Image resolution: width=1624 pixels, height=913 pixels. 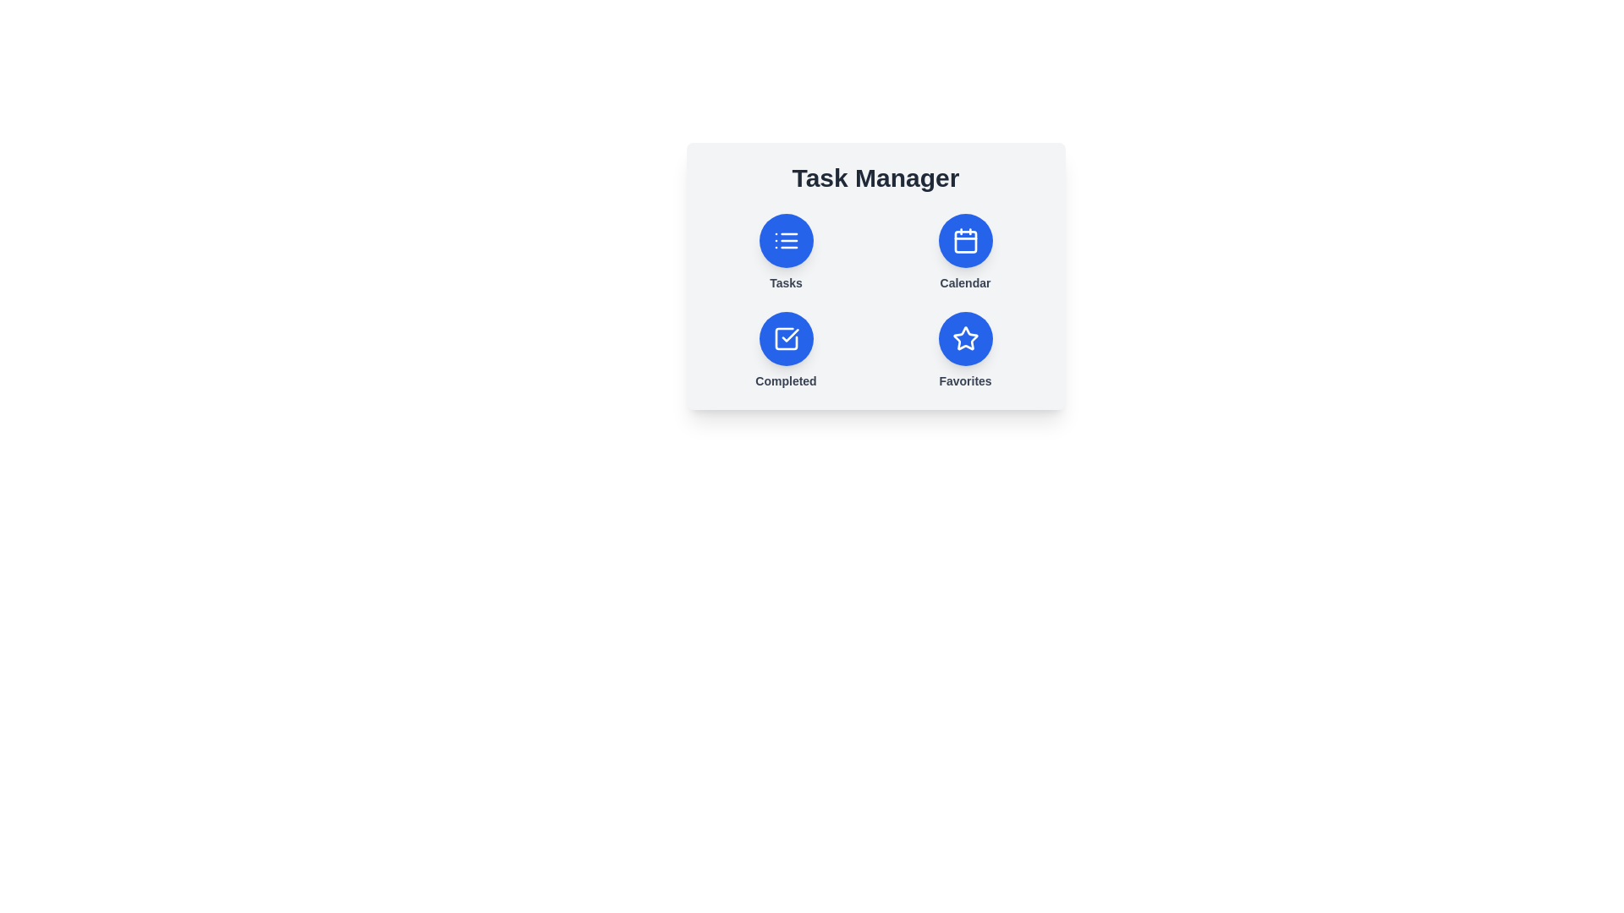 I want to click on the central area of the blue circular calendar icon in the second icon of the top row in a 2x2 grid layout, so click(x=965, y=242).